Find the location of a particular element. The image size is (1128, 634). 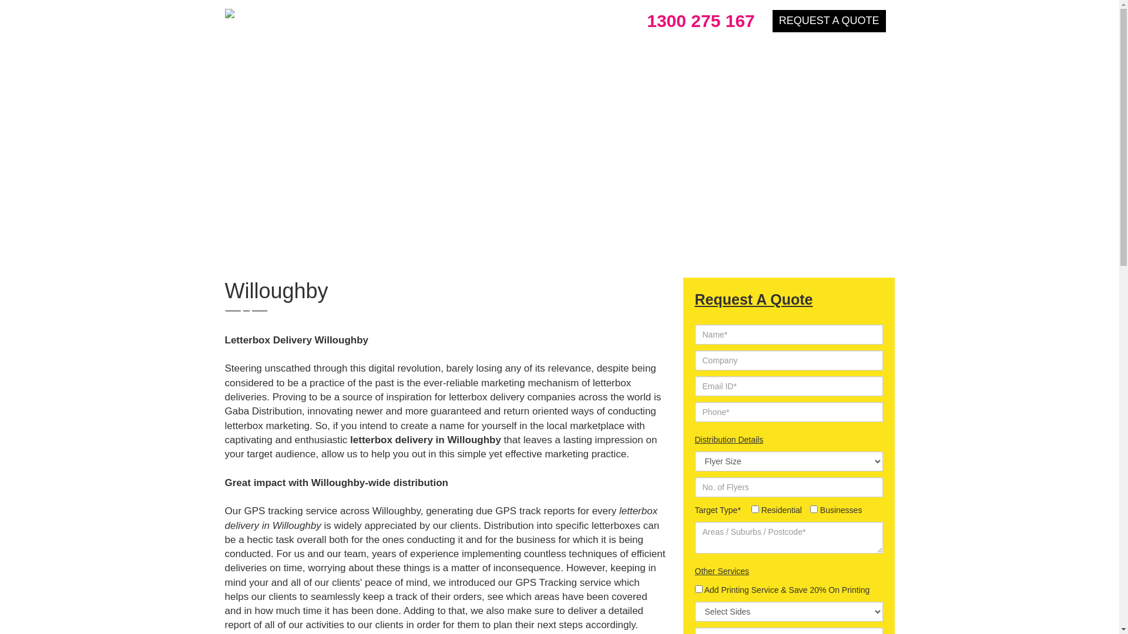

'Letterbox Delivery Sydney' is located at coordinates (301, 14).